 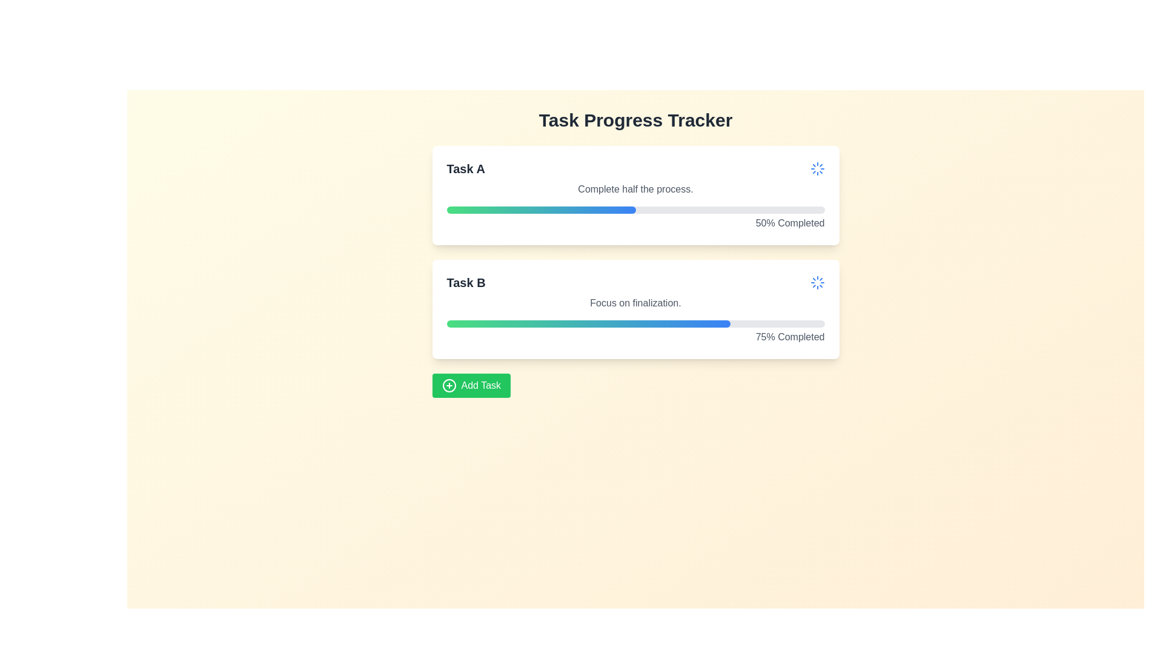 What do you see at coordinates (448, 385) in the screenshot?
I see `the plus sign icon encircled by a circular outline, which is centered inside the green button labeled 'Add Task'` at bounding box center [448, 385].